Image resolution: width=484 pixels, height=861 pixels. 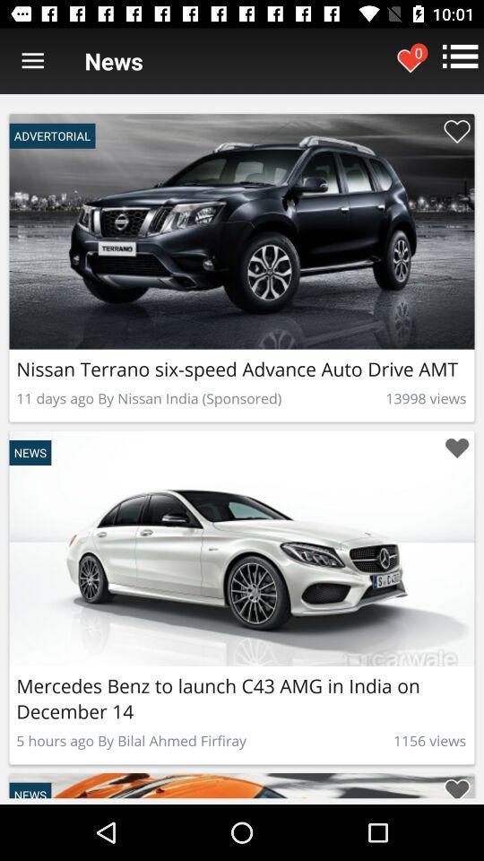 I want to click on like c43 amg, so click(x=456, y=785).